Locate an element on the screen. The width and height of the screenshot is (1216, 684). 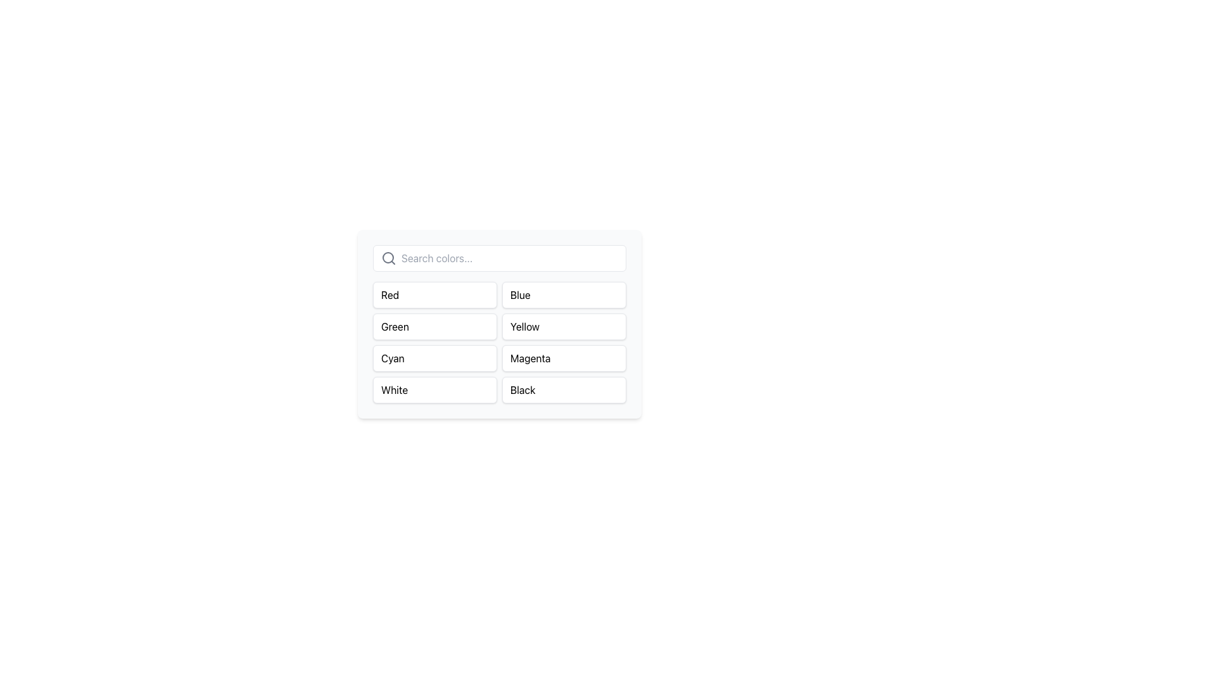
the 'Black' button located in the right column of the grid layout is located at coordinates (564, 389).